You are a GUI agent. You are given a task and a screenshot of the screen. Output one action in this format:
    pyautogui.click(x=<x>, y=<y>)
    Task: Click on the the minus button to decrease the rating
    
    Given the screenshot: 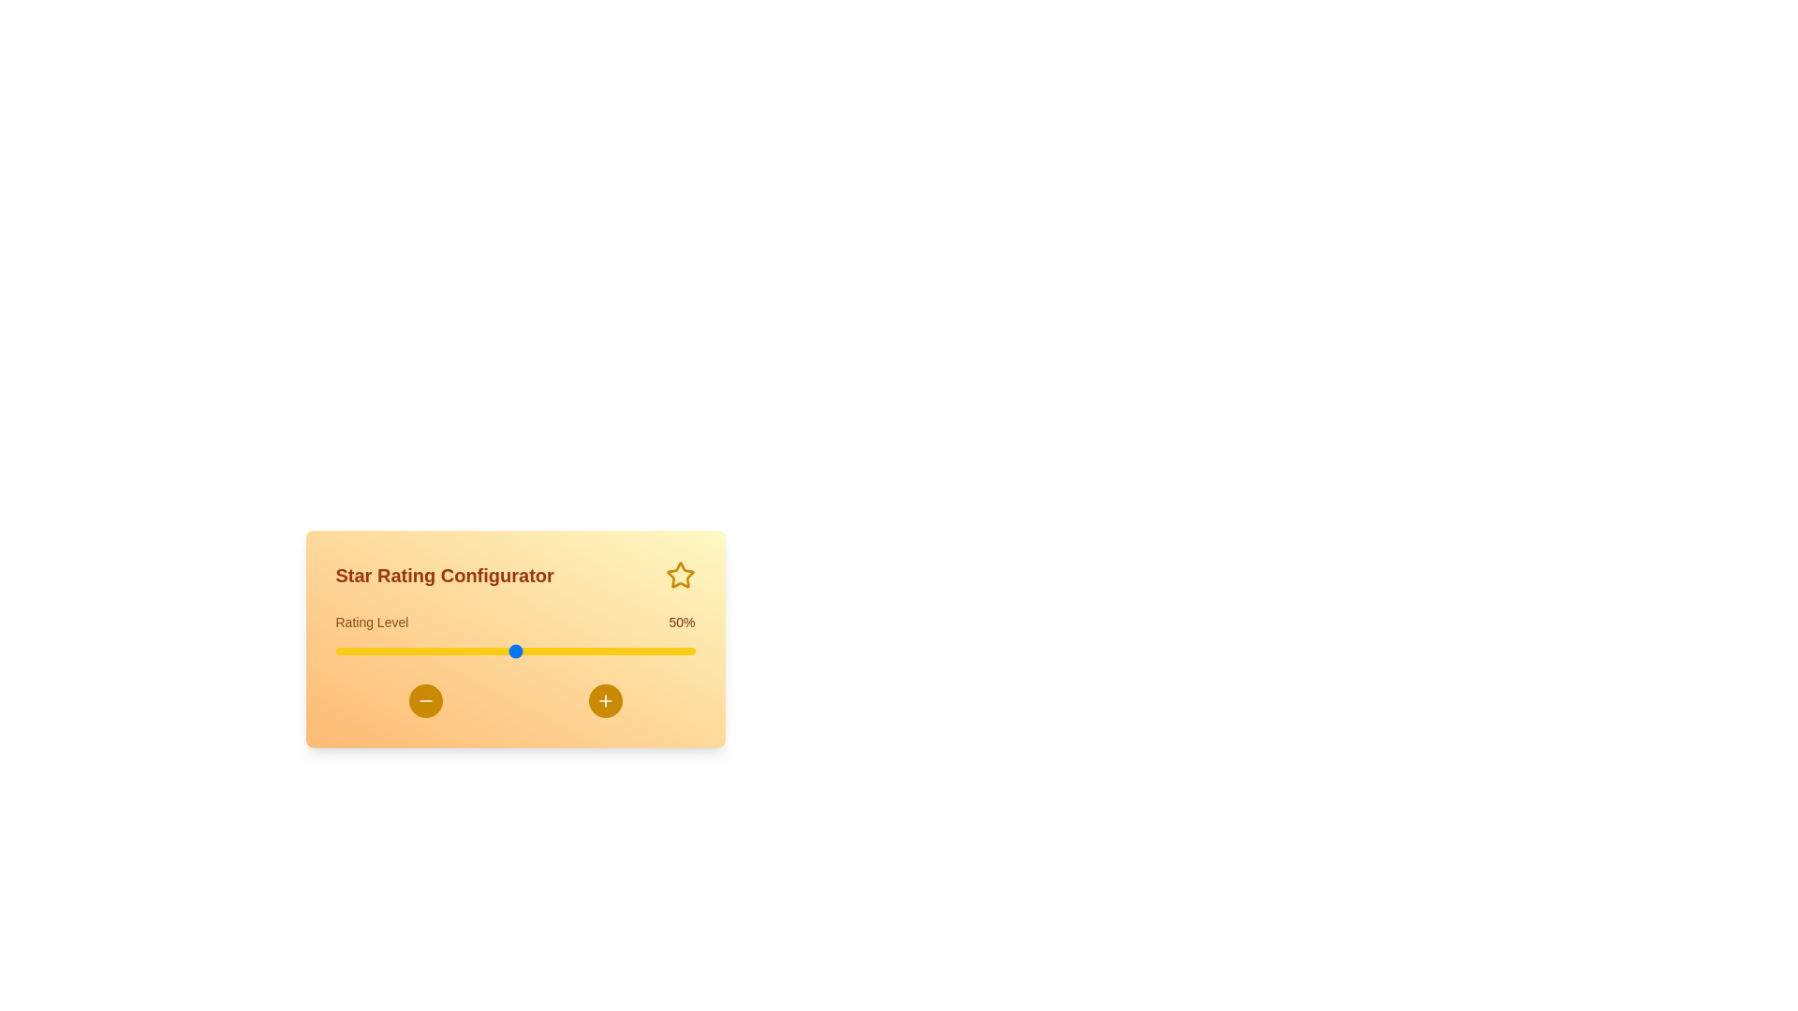 What is the action you would take?
    pyautogui.click(x=424, y=700)
    